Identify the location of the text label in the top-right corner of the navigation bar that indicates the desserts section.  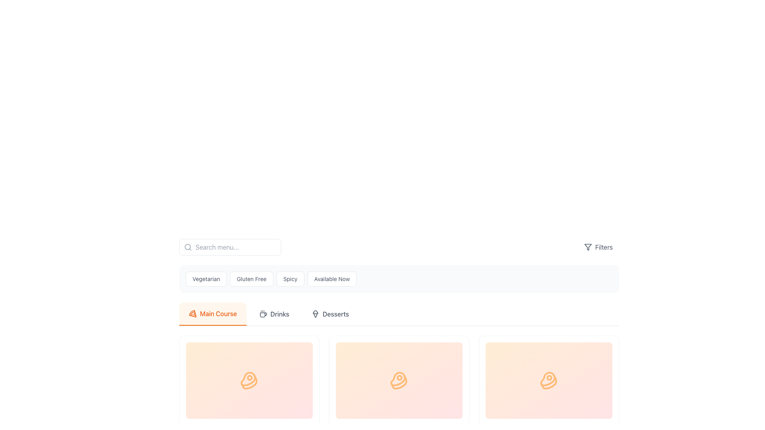
(336, 314).